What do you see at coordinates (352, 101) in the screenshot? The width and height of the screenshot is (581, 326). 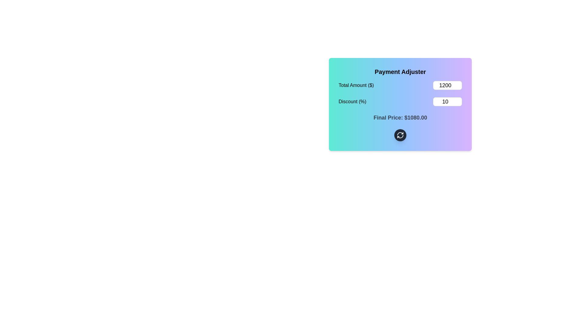 I see `the 'Discount (%)' text label element, which is styled in black lettering on a gradient background and located in the middle-left section of the 'Payment Adjuster' panel` at bounding box center [352, 101].